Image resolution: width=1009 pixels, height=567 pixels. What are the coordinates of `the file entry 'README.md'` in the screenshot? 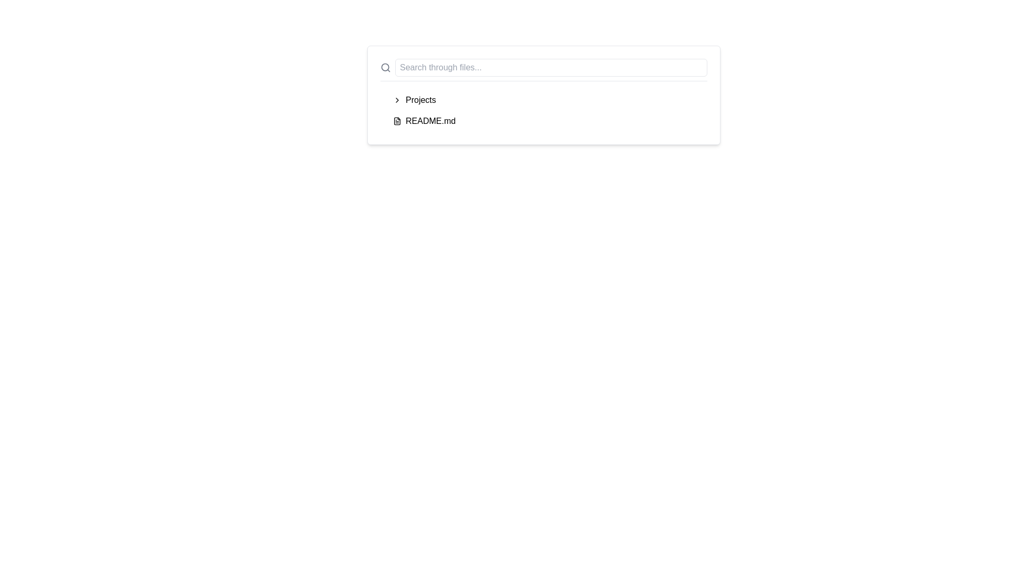 It's located at (547, 121).